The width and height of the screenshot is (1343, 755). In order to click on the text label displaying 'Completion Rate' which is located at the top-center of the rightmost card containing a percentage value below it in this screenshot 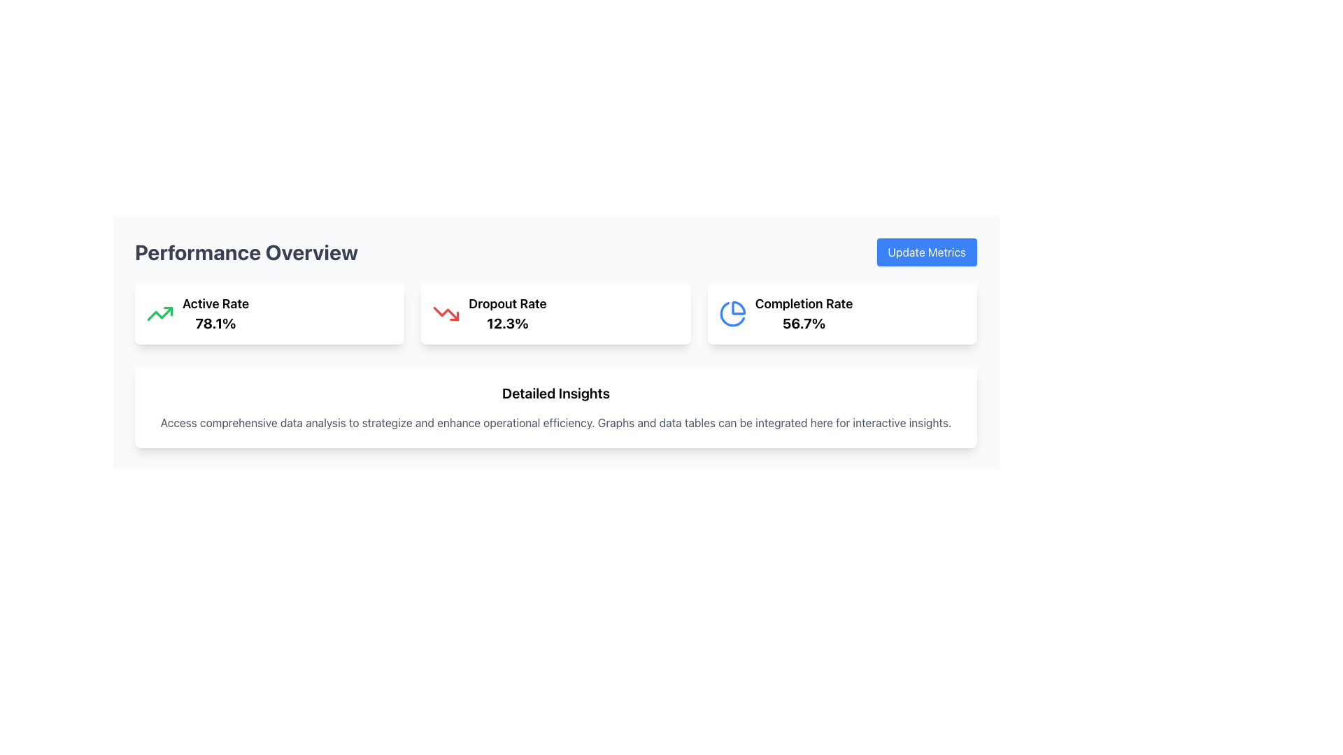, I will do `click(804, 303)`.